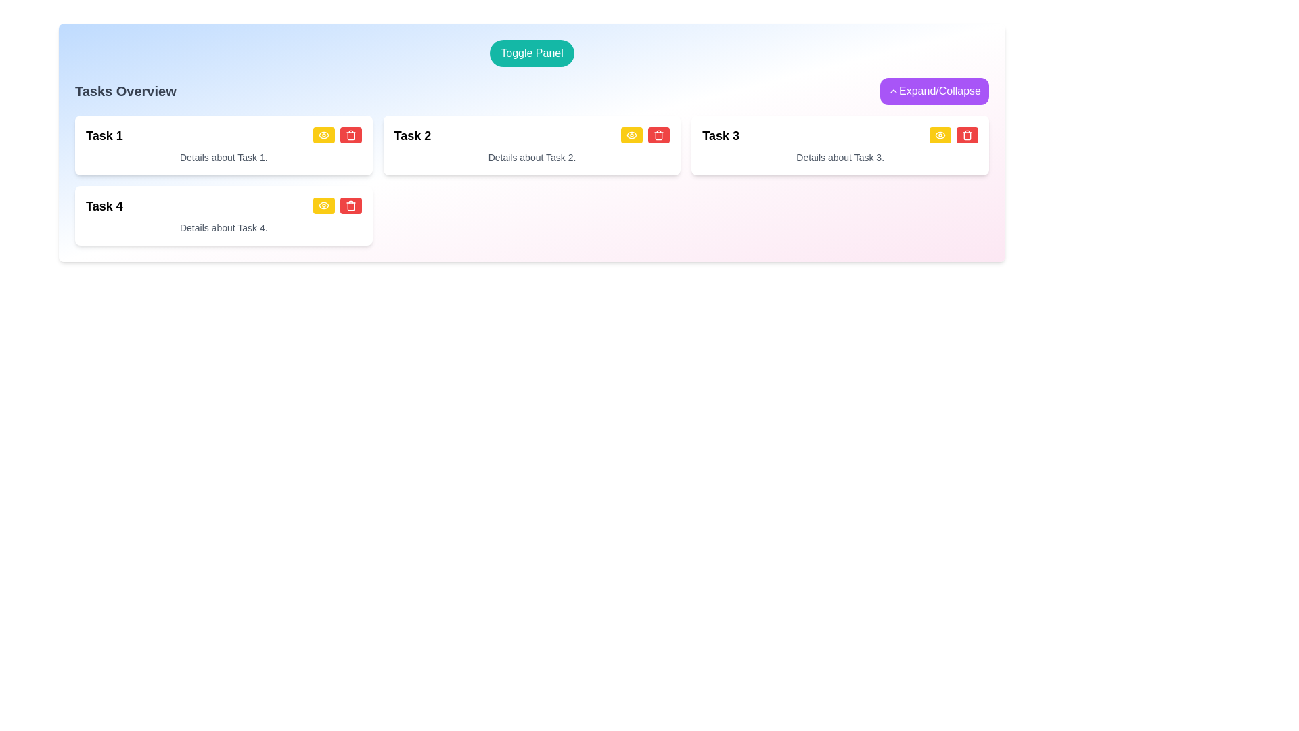  Describe the element at coordinates (350, 135) in the screenshot. I see `the second button in the group, which is positioned to the right of a yellow button with an eye icon` at that location.